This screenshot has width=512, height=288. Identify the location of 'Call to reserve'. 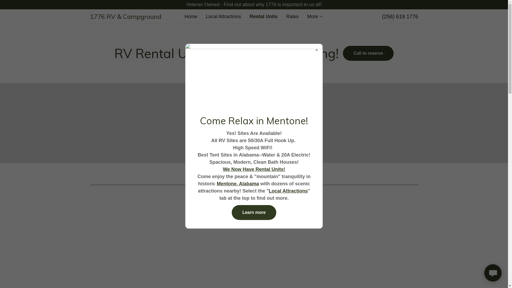
(368, 53).